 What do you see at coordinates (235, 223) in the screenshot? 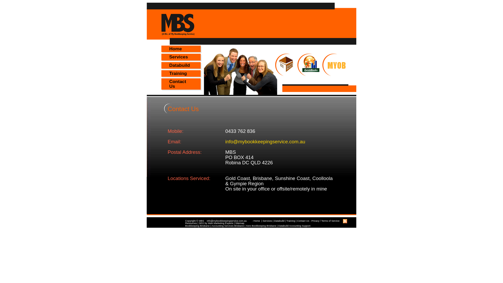
I see `'Sitemap'` at bounding box center [235, 223].